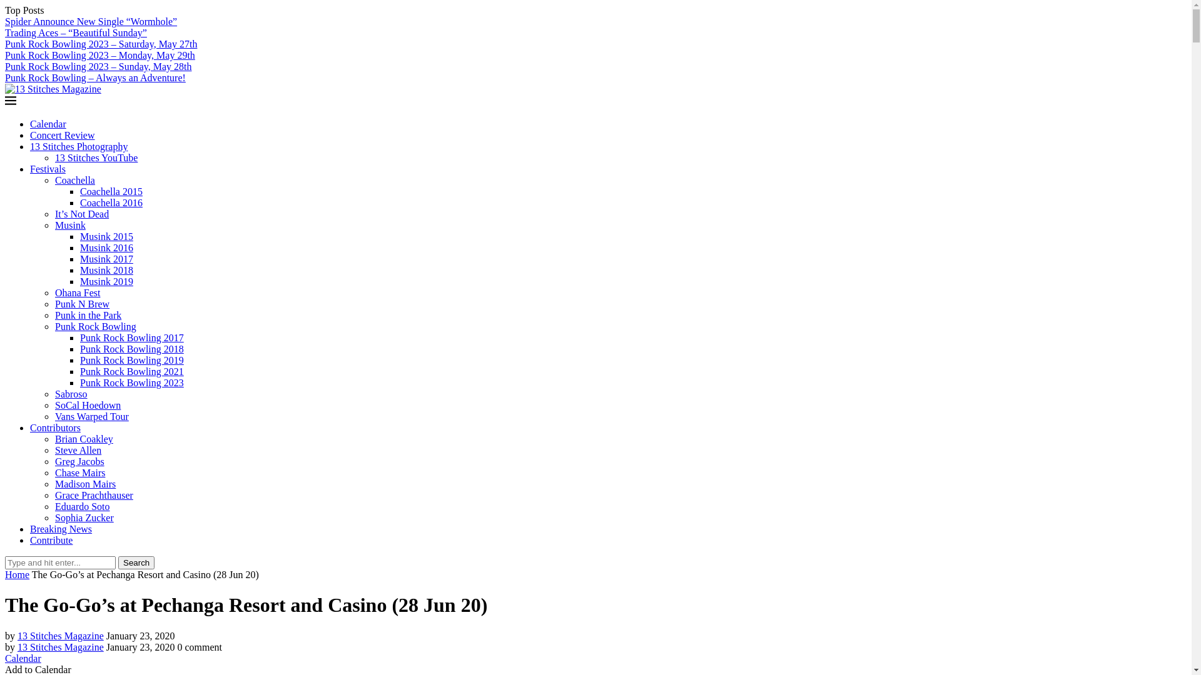 This screenshot has width=1201, height=675. I want to click on 'Calendar', so click(23, 657).